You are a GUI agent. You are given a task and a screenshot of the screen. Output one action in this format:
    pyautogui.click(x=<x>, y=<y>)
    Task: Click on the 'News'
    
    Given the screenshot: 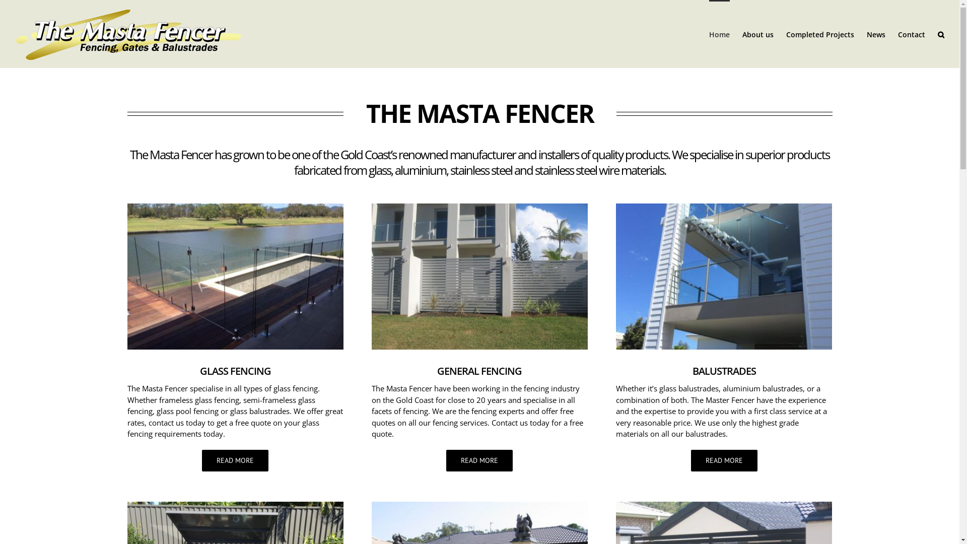 What is the action you would take?
    pyautogui.click(x=875, y=33)
    